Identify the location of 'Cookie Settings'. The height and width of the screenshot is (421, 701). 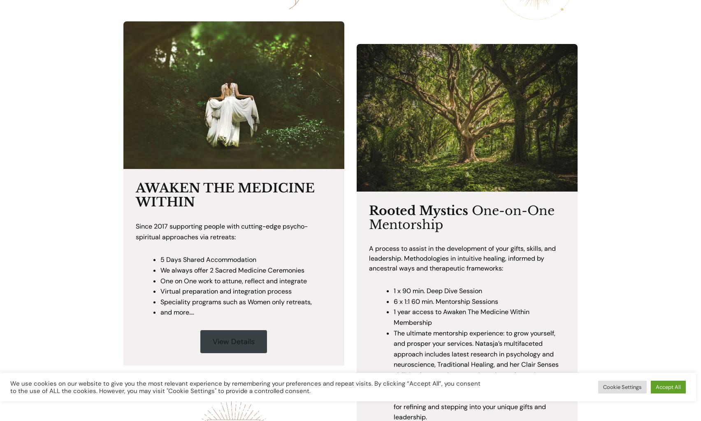
(622, 387).